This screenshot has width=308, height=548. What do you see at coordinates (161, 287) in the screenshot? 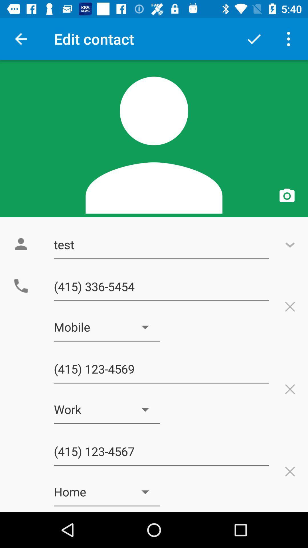
I see `the phone number on second text field from top` at bounding box center [161, 287].